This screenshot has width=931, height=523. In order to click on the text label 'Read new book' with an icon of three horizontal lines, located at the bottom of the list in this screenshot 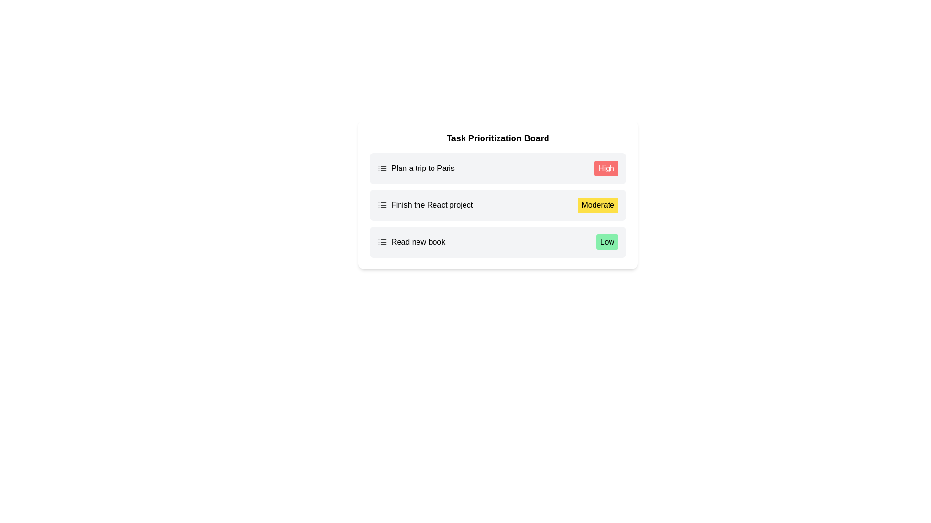, I will do `click(411, 242)`.